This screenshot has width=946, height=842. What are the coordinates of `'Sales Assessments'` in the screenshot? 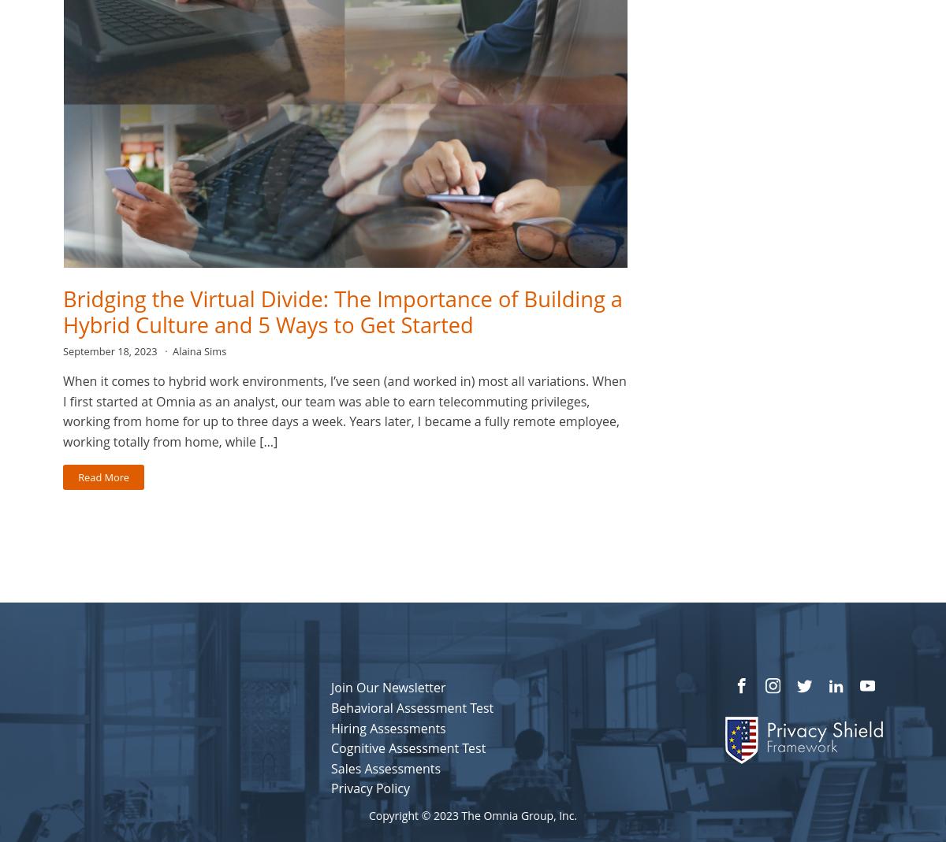 It's located at (384, 768).